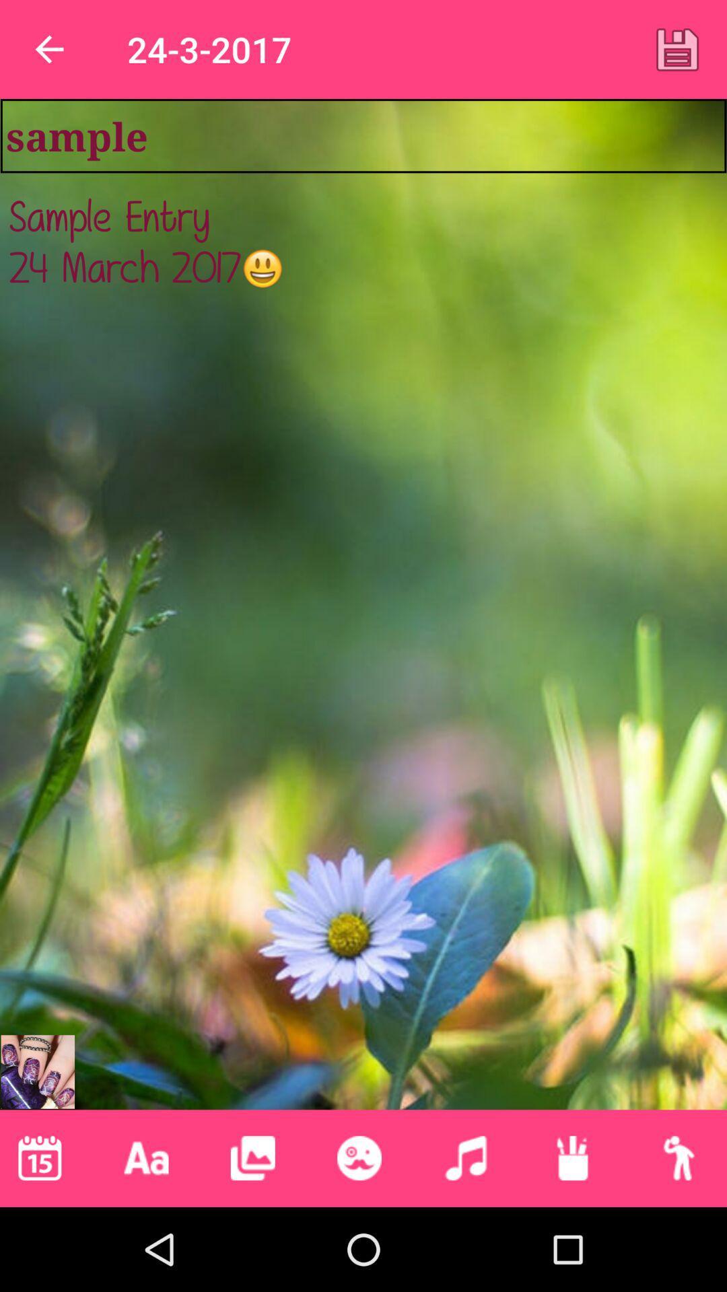  What do you see at coordinates (39, 1157) in the screenshot?
I see `show the entire calendar` at bounding box center [39, 1157].